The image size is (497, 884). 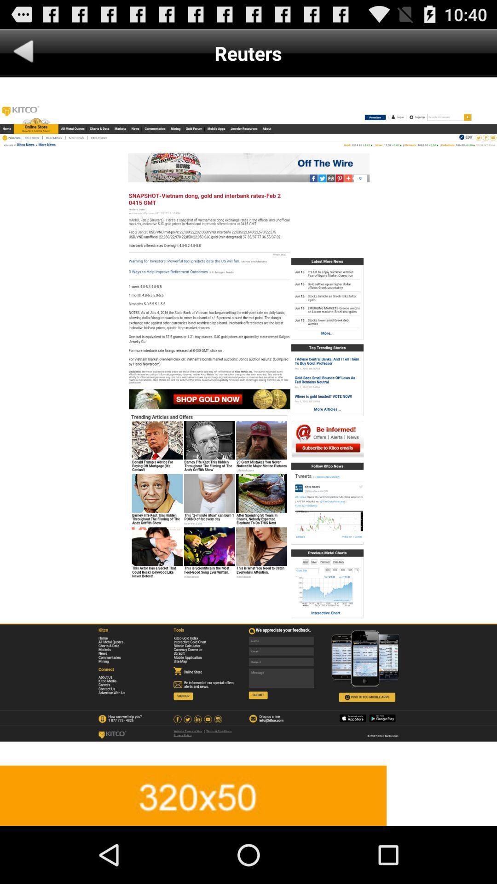 What do you see at coordinates (248, 421) in the screenshot?
I see `seeing in the paragraph` at bounding box center [248, 421].